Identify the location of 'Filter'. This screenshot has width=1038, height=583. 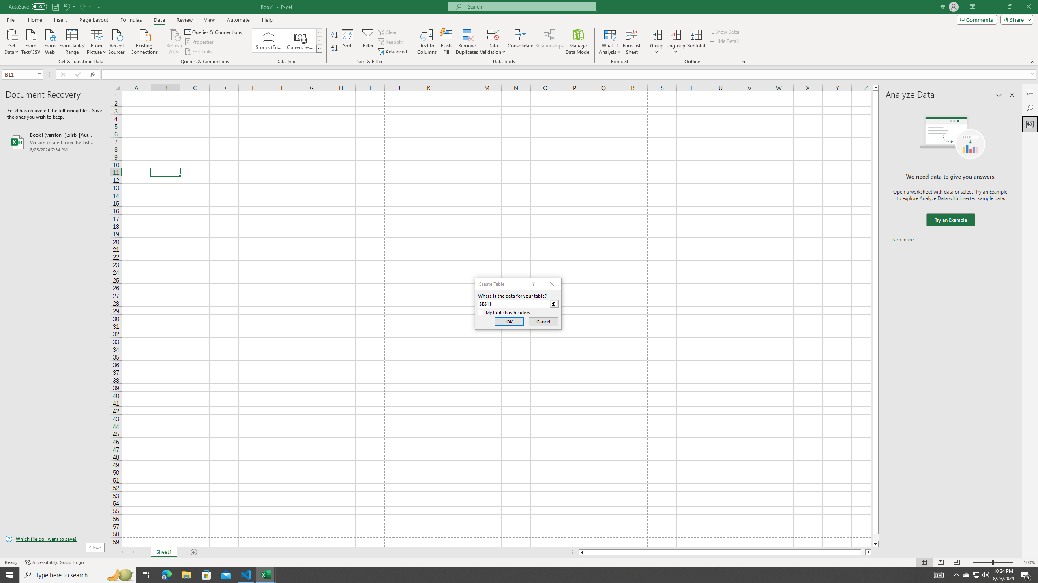
(367, 42).